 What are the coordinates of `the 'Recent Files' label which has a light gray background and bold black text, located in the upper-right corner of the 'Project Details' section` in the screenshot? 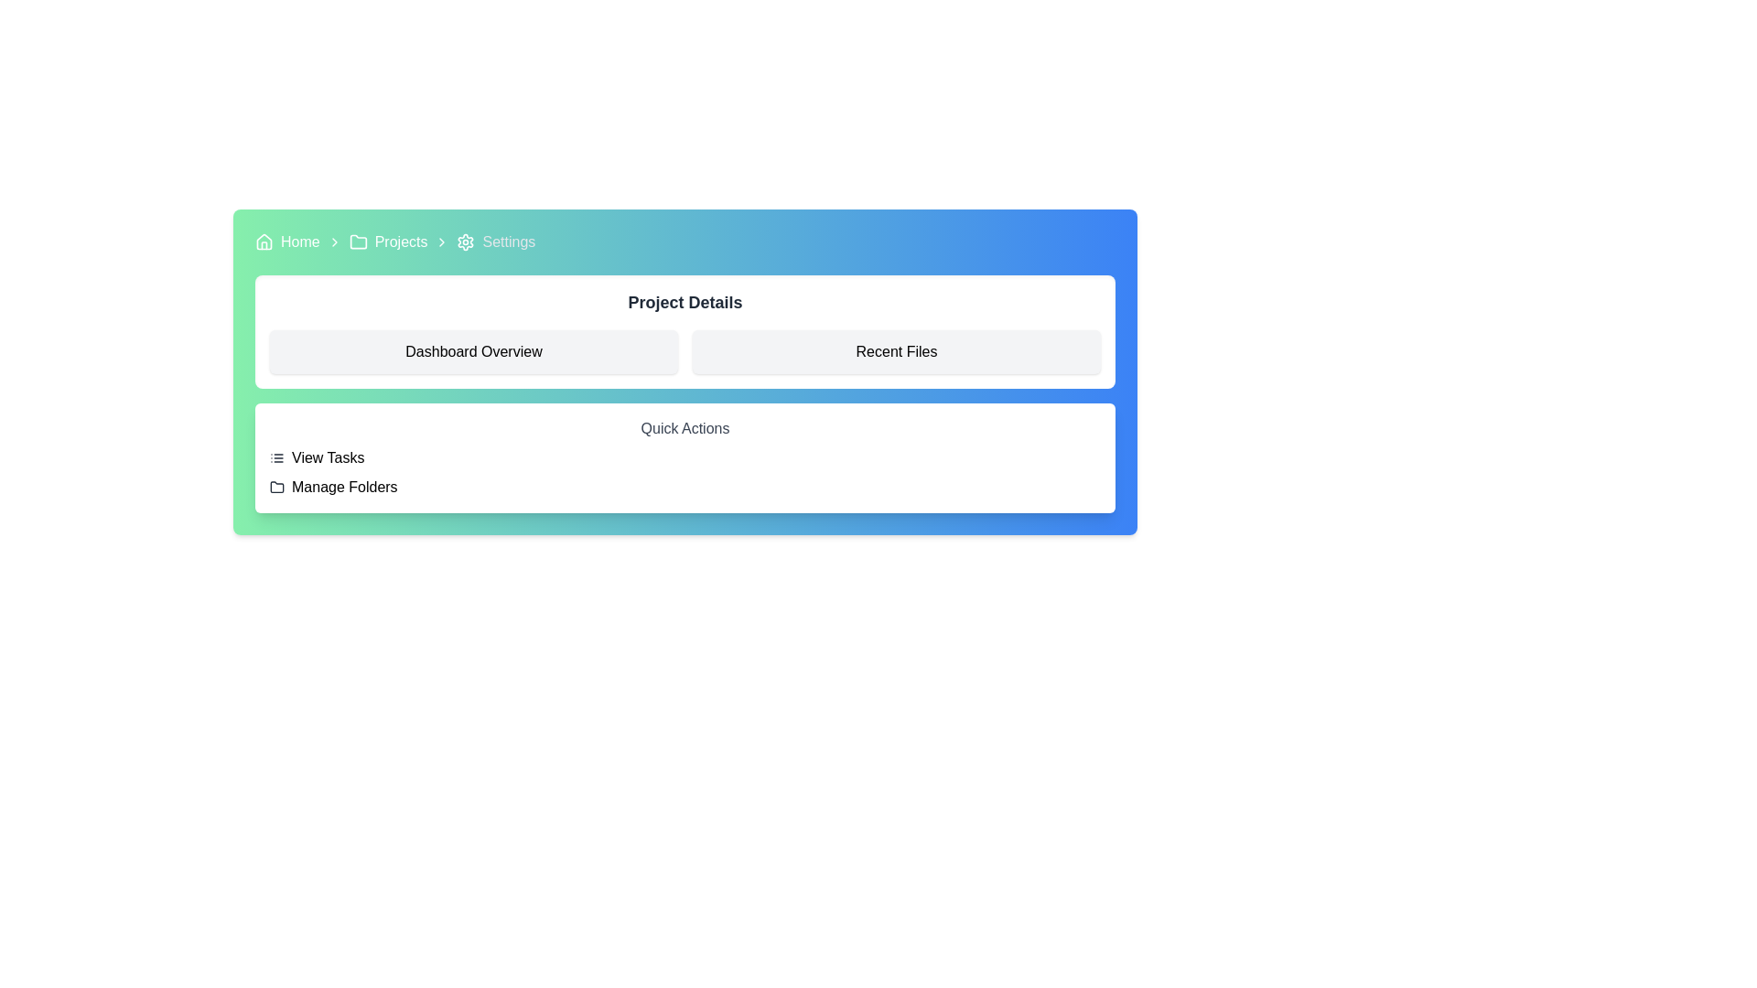 It's located at (896, 352).